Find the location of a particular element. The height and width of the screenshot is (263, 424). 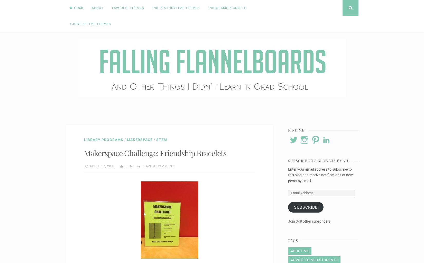

'Makerspace' is located at coordinates (140, 139).